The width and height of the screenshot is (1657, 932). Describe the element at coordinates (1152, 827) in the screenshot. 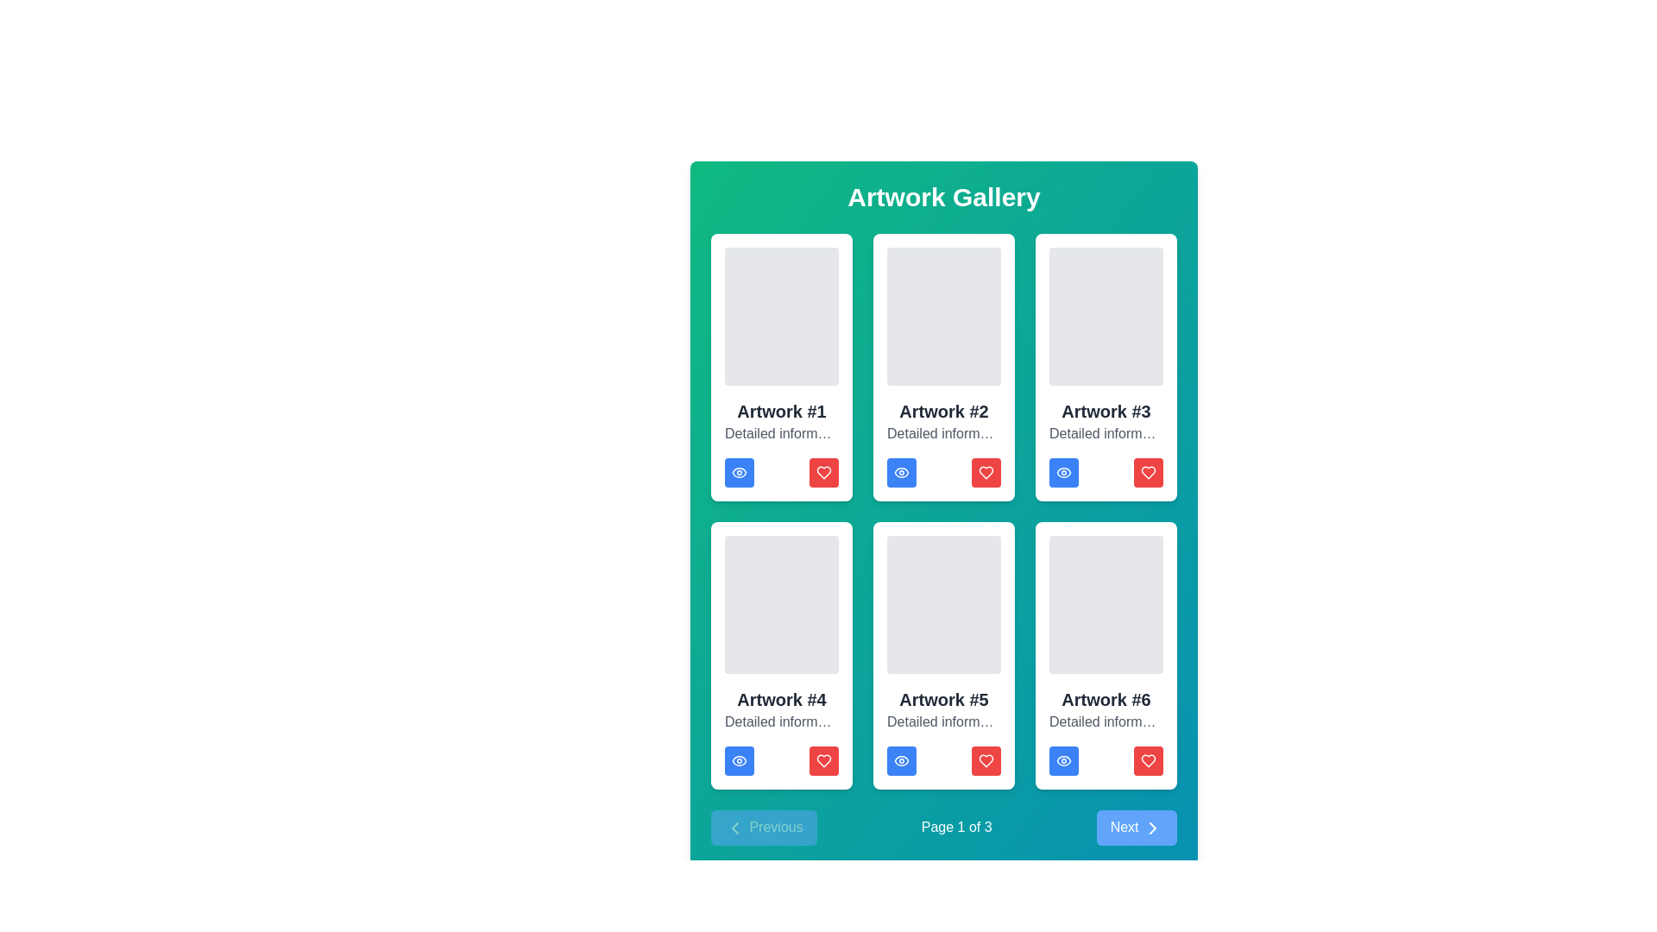

I see `the 'Next' button located in the bottom-right corner of the interface, which contains a rightward-pointing chevron arrow icon for navigation` at that location.